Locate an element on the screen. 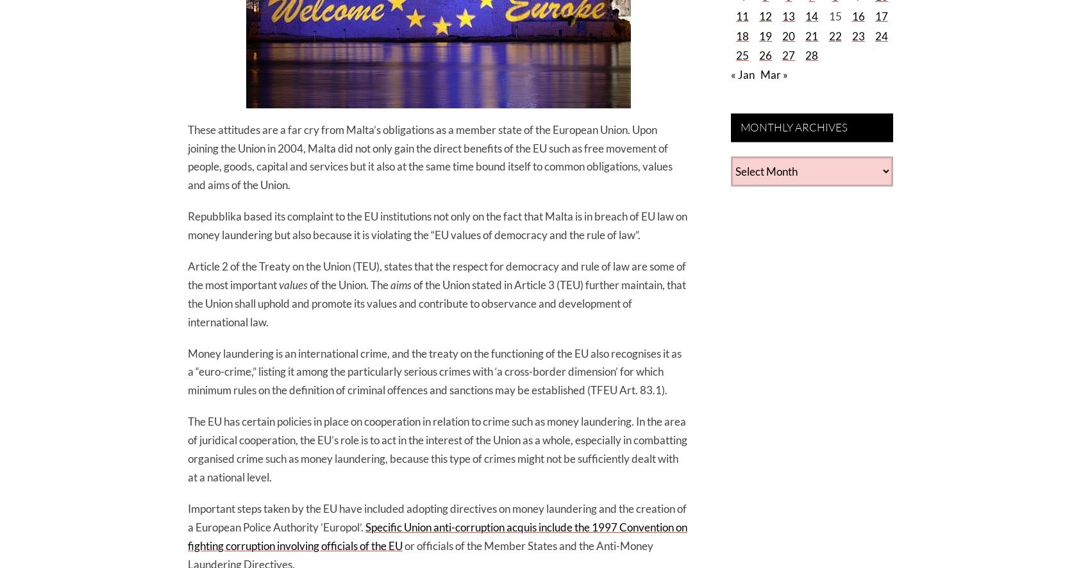 The image size is (1081, 568). '23' is located at coordinates (858, 35).